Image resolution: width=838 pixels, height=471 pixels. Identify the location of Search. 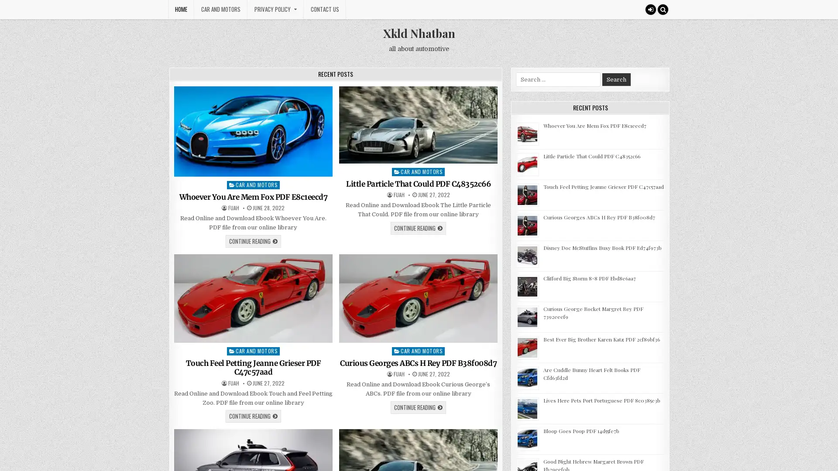
(616, 79).